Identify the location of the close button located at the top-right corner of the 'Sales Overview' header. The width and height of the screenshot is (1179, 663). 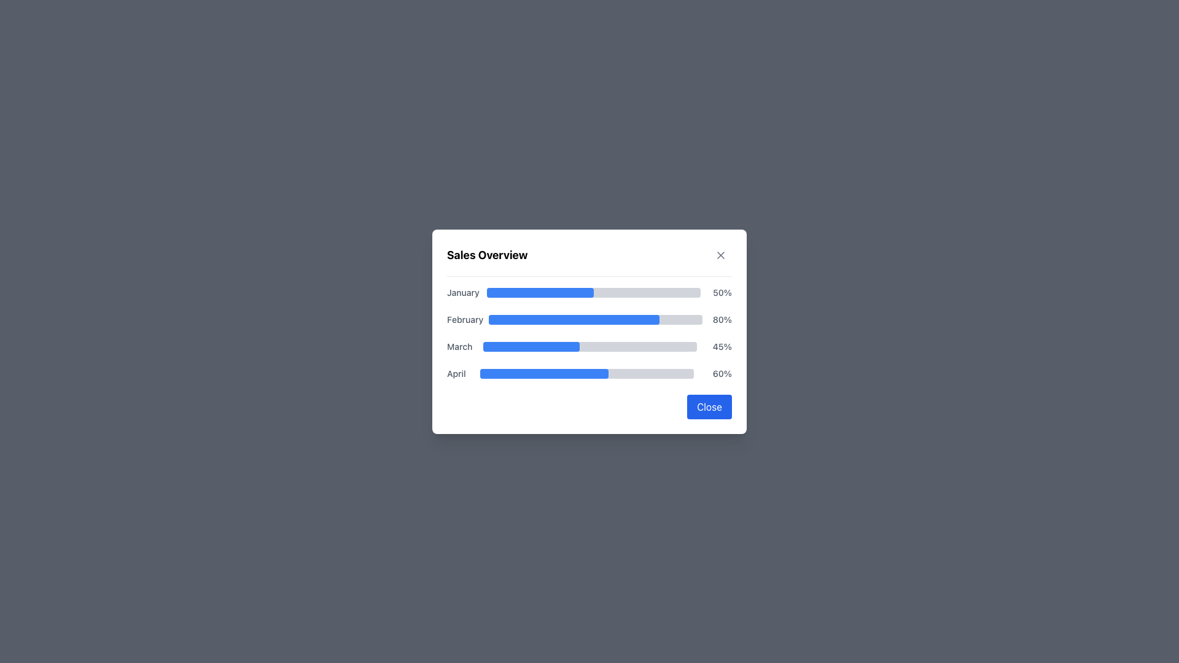
(721, 254).